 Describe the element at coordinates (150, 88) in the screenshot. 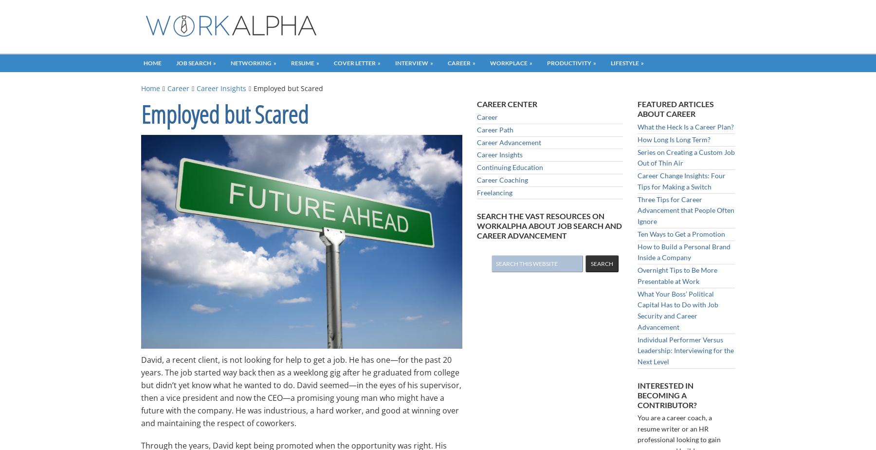

I see `'Home'` at that location.